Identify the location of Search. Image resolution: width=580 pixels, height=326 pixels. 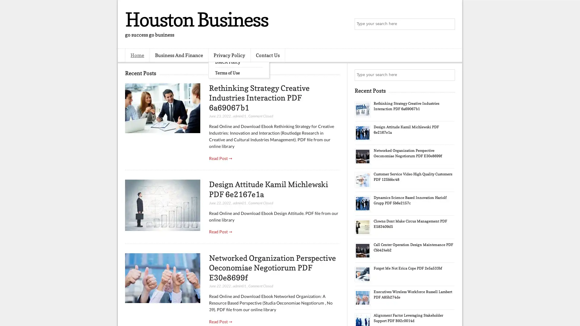
(449, 24).